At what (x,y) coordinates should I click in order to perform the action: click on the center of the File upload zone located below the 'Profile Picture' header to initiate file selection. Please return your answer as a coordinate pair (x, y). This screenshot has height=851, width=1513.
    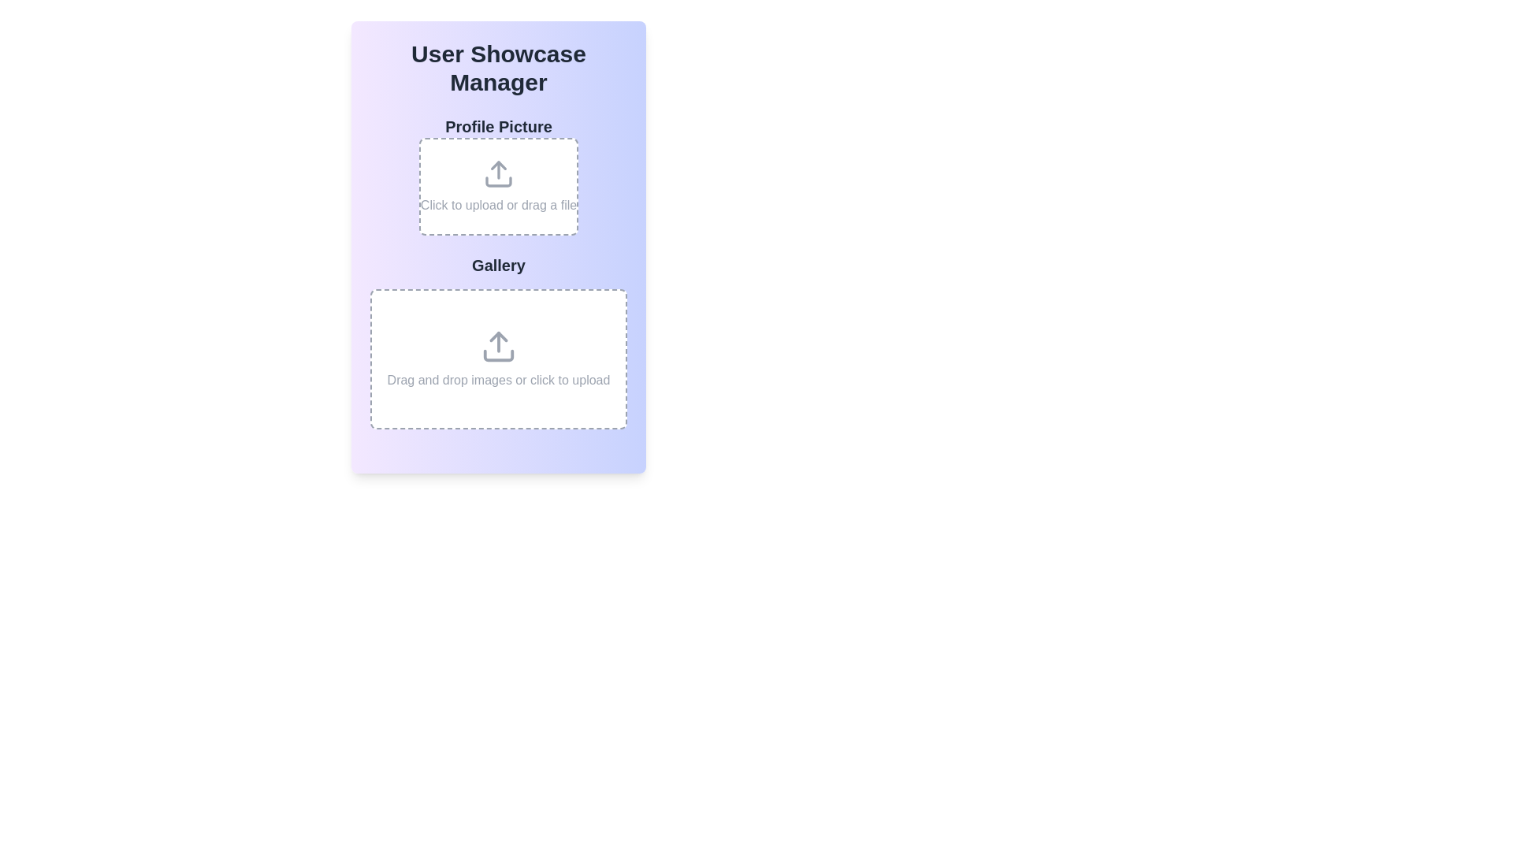
    Looking at the image, I should click on (498, 176).